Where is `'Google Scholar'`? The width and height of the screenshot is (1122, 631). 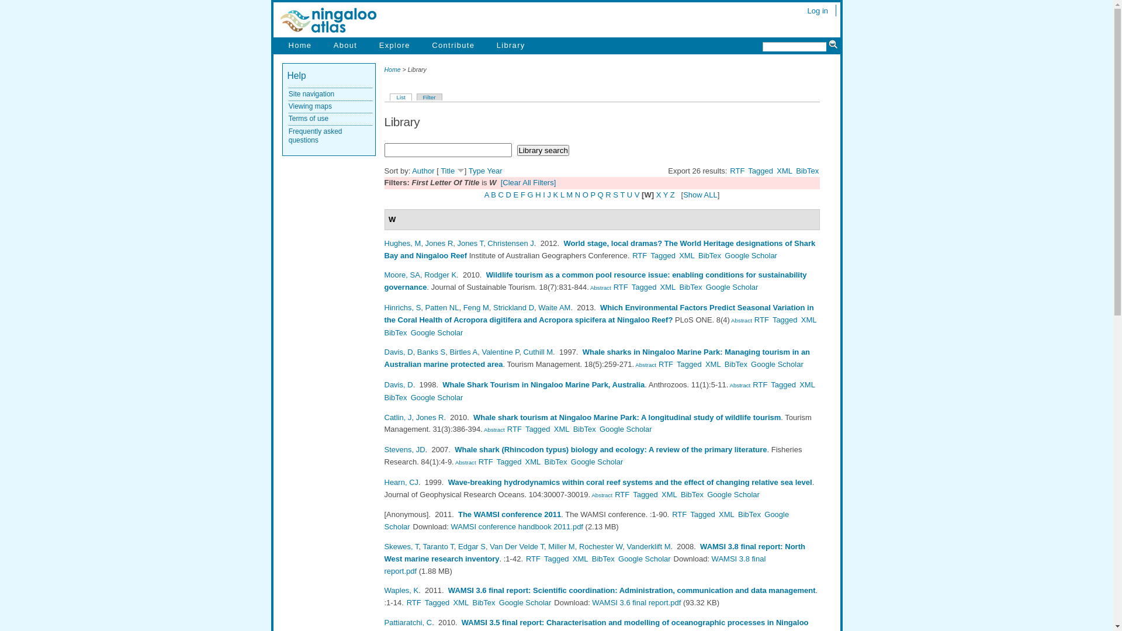 'Google Scholar' is located at coordinates (731, 287).